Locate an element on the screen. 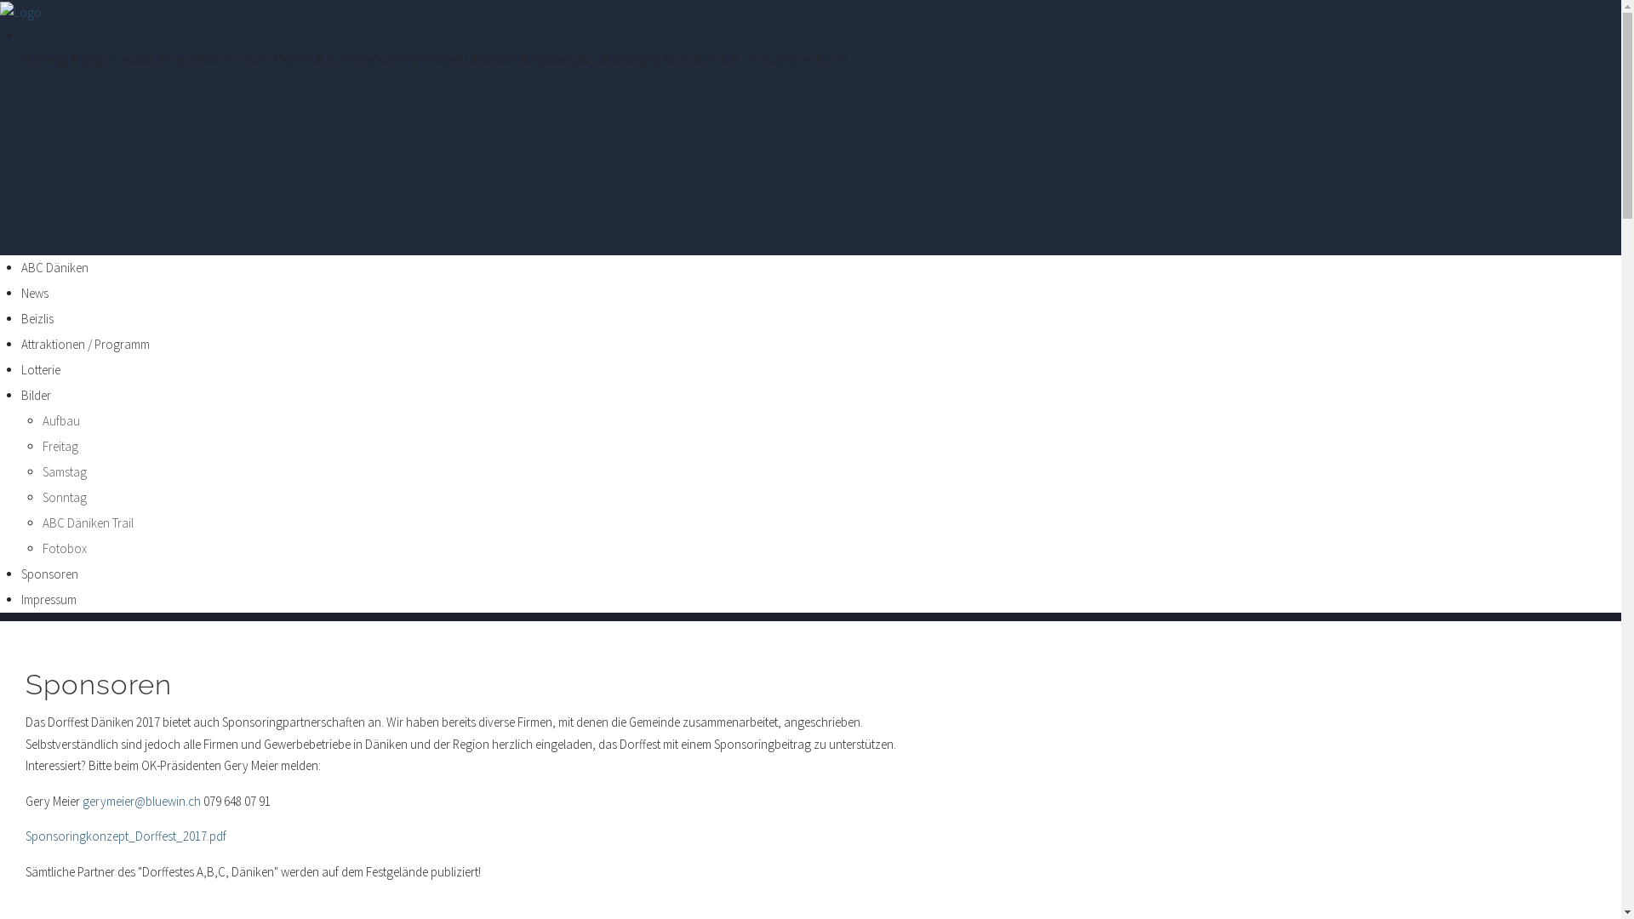 This screenshot has width=1634, height=919. 'Sponsoringkonzept_Dorffest_2017.pdf' is located at coordinates (125, 835).